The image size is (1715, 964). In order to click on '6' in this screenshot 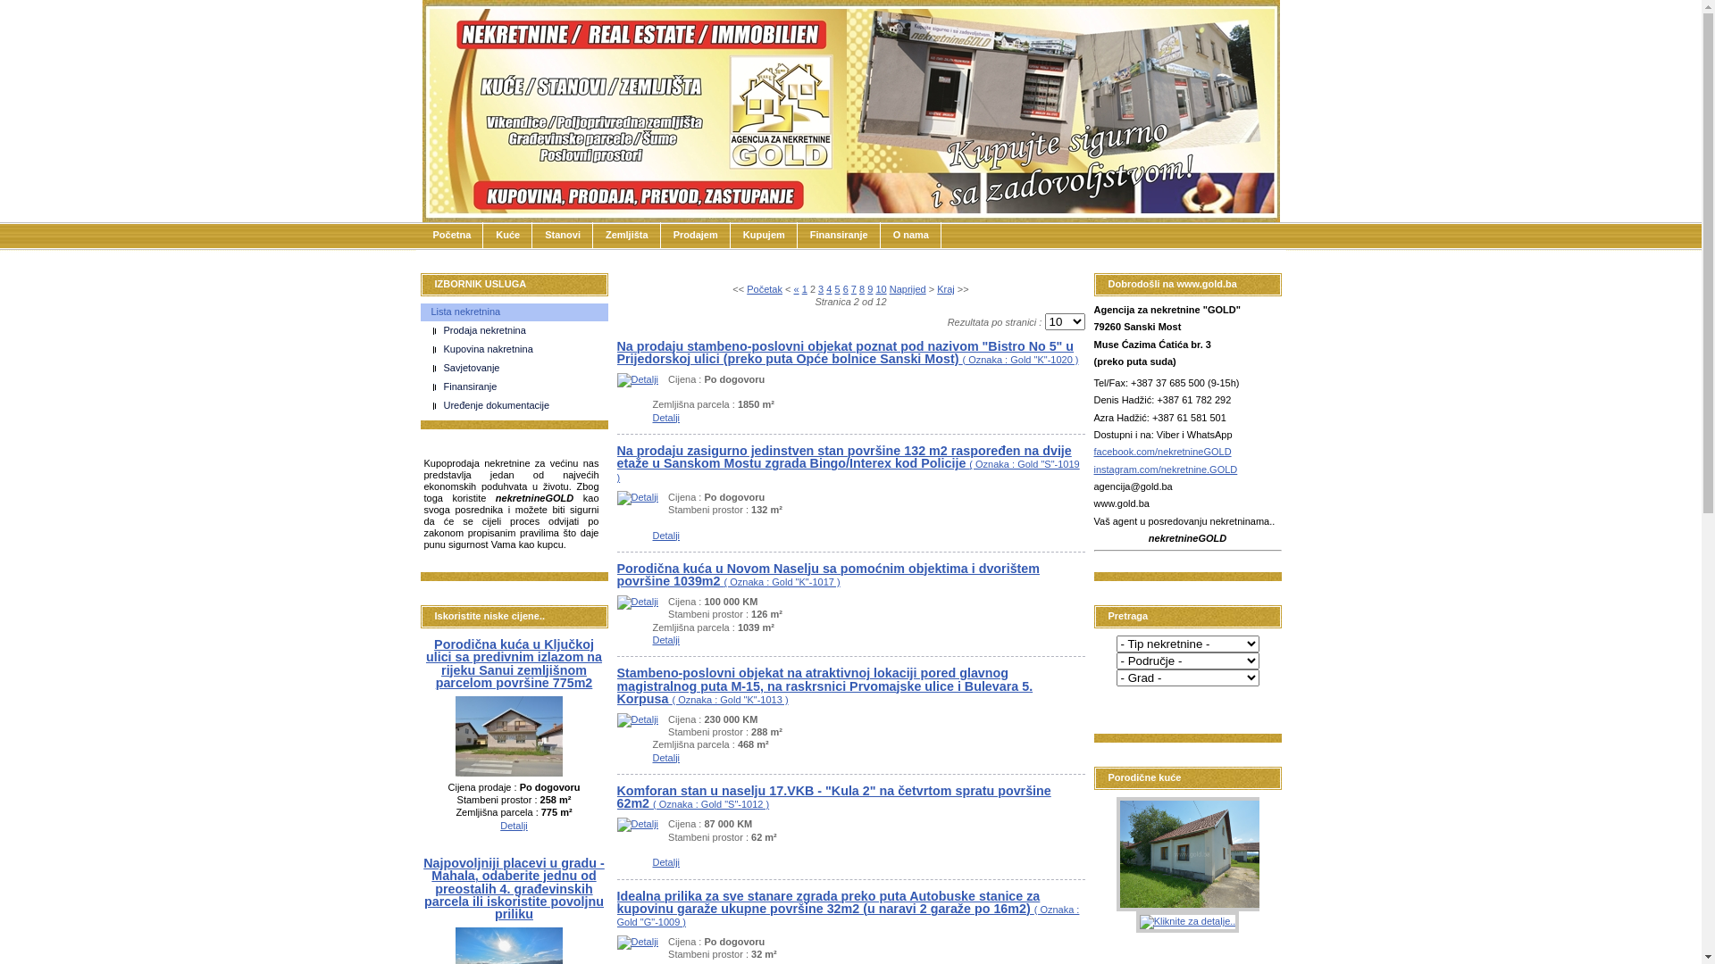, I will do `click(842, 288)`.